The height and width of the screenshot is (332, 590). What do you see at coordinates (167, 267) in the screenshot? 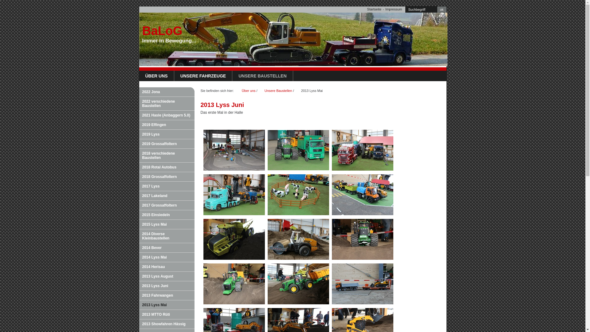
I see `'2014 Herisau'` at bounding box center [167, 267].